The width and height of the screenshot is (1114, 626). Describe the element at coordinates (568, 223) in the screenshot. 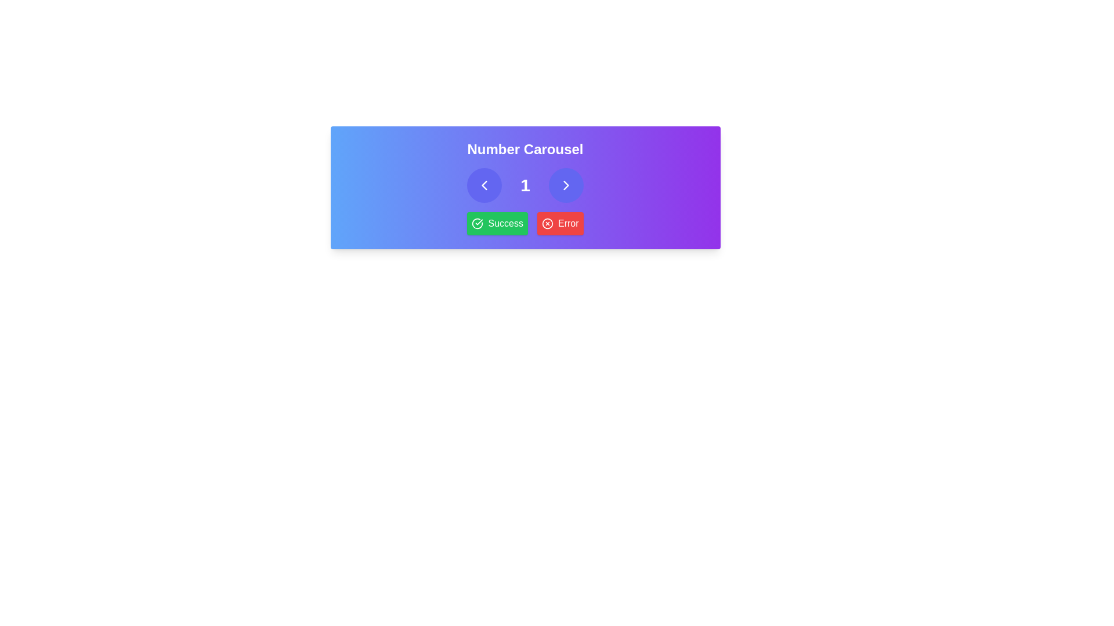

I see `the 'Error' static text component displayed in bold white font on a red background` at that location.